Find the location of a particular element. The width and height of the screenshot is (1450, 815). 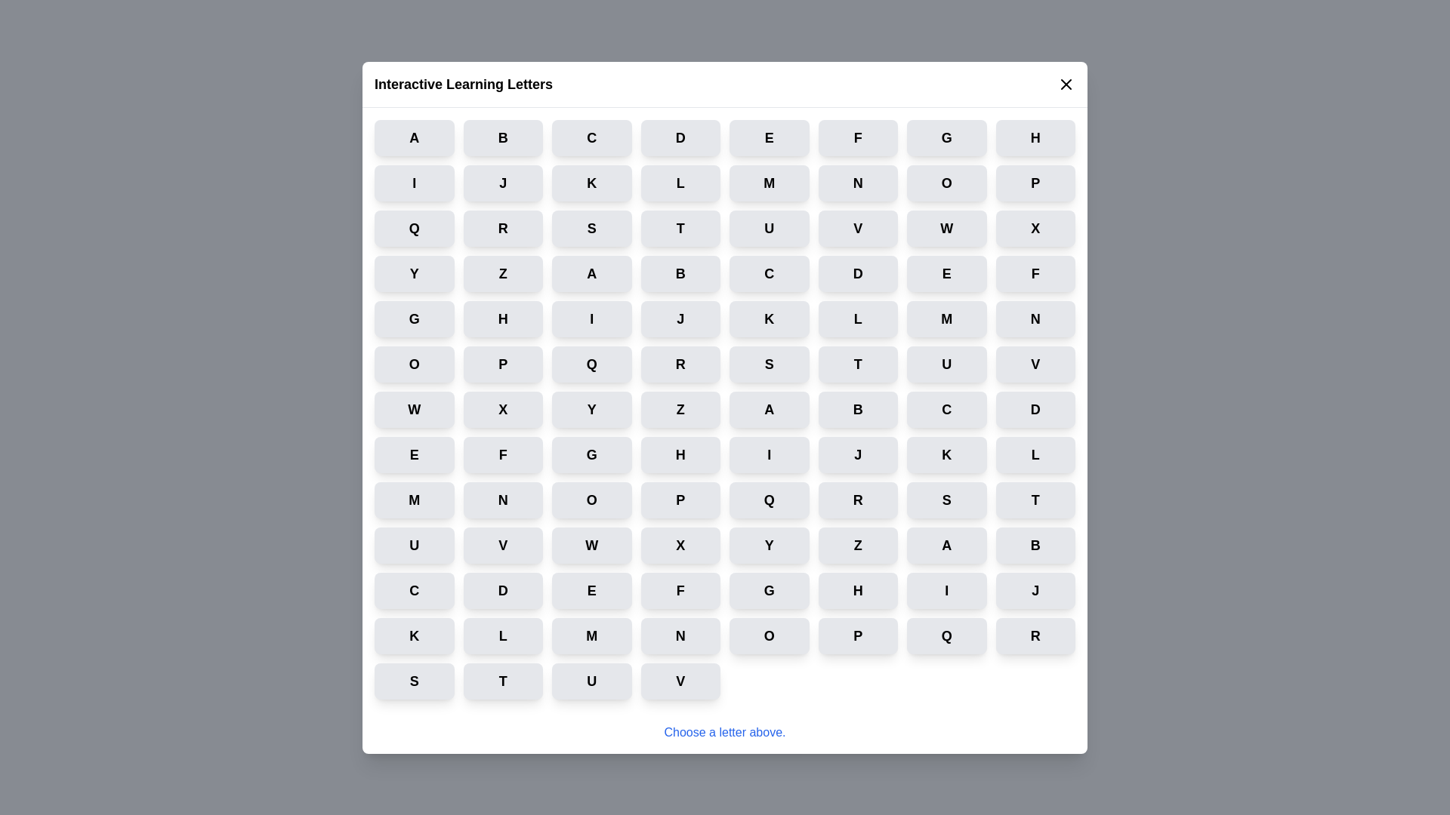

the letter button labeled A is located at coordinates (414, 137).